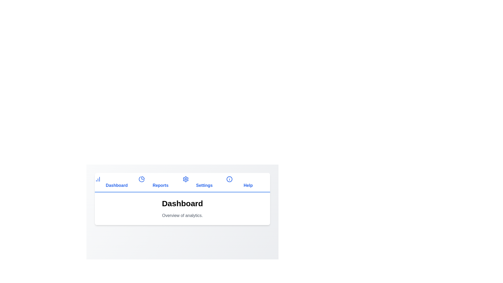  What do you see at coordinates (248, 182) in the screenshot?
I see `the 'Help' button in the navigation bar` at bounding box center [248, 182].